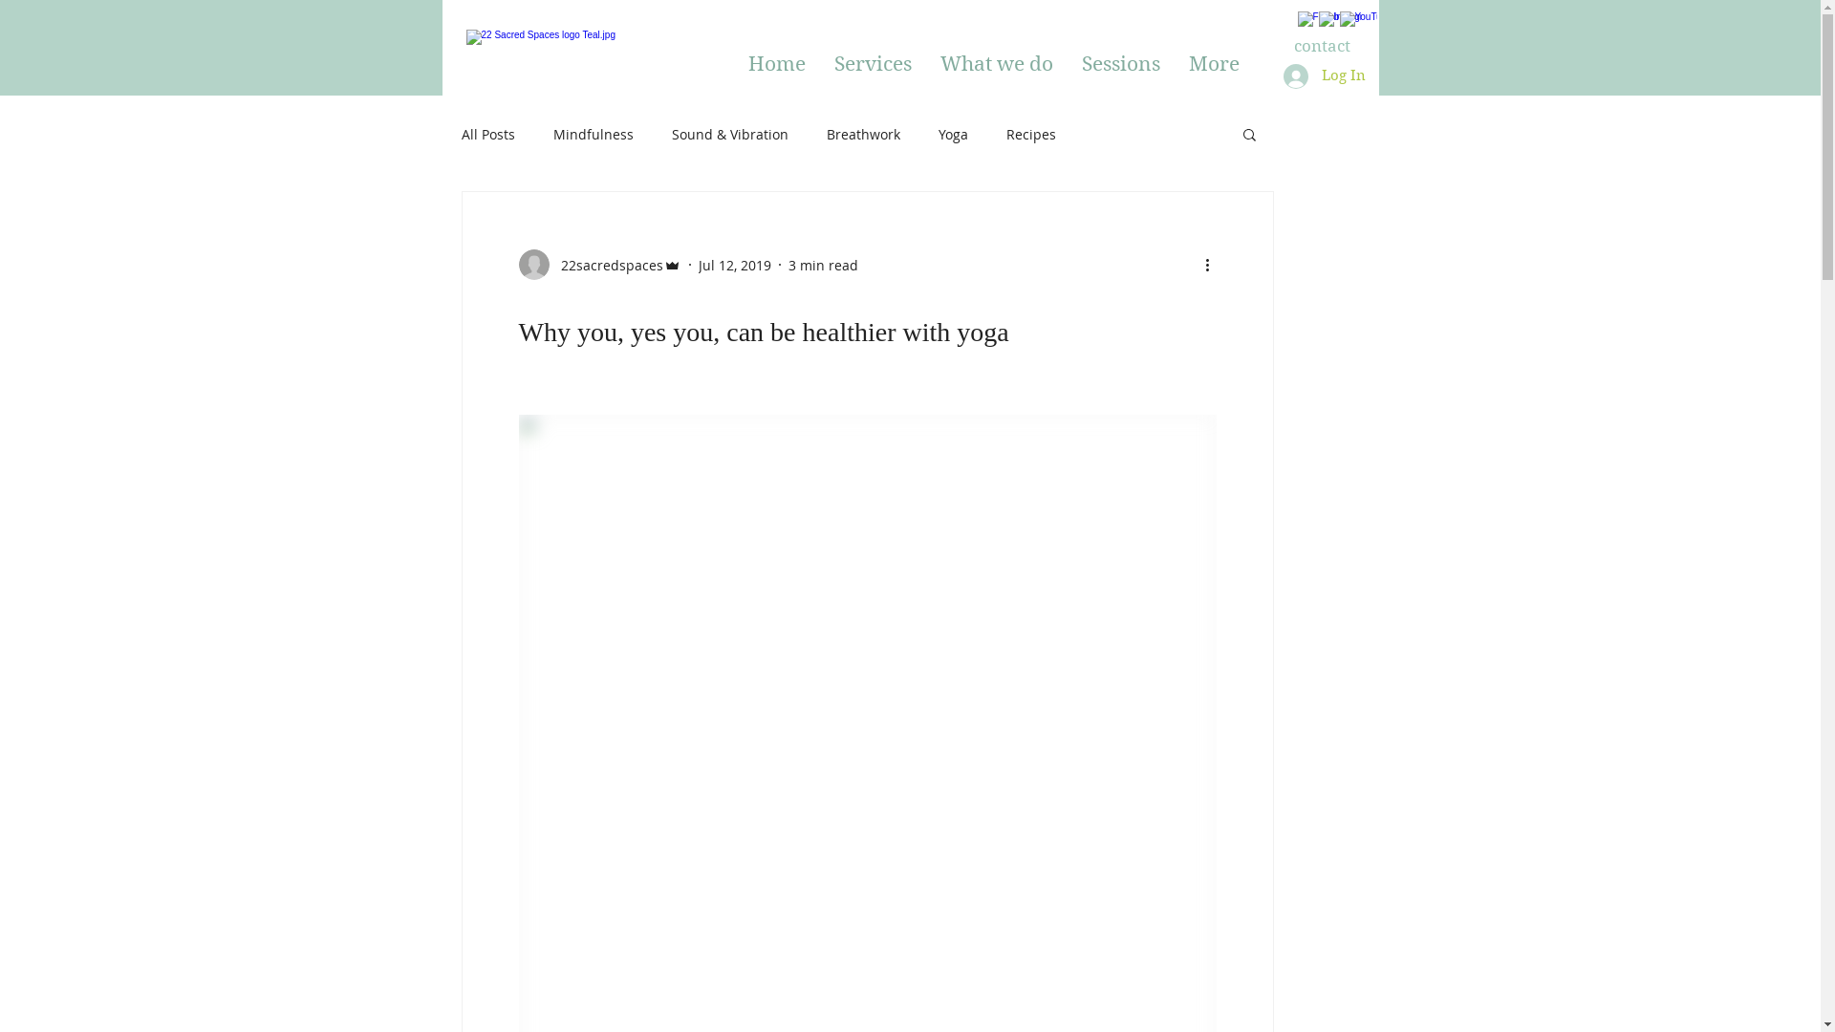 The height and width of the screenshot is (1032, 1835). What do you see at coordinates (598, 265) in the screenshot?
I see `'22sacredspaces'` at bounding box center [598, 265].